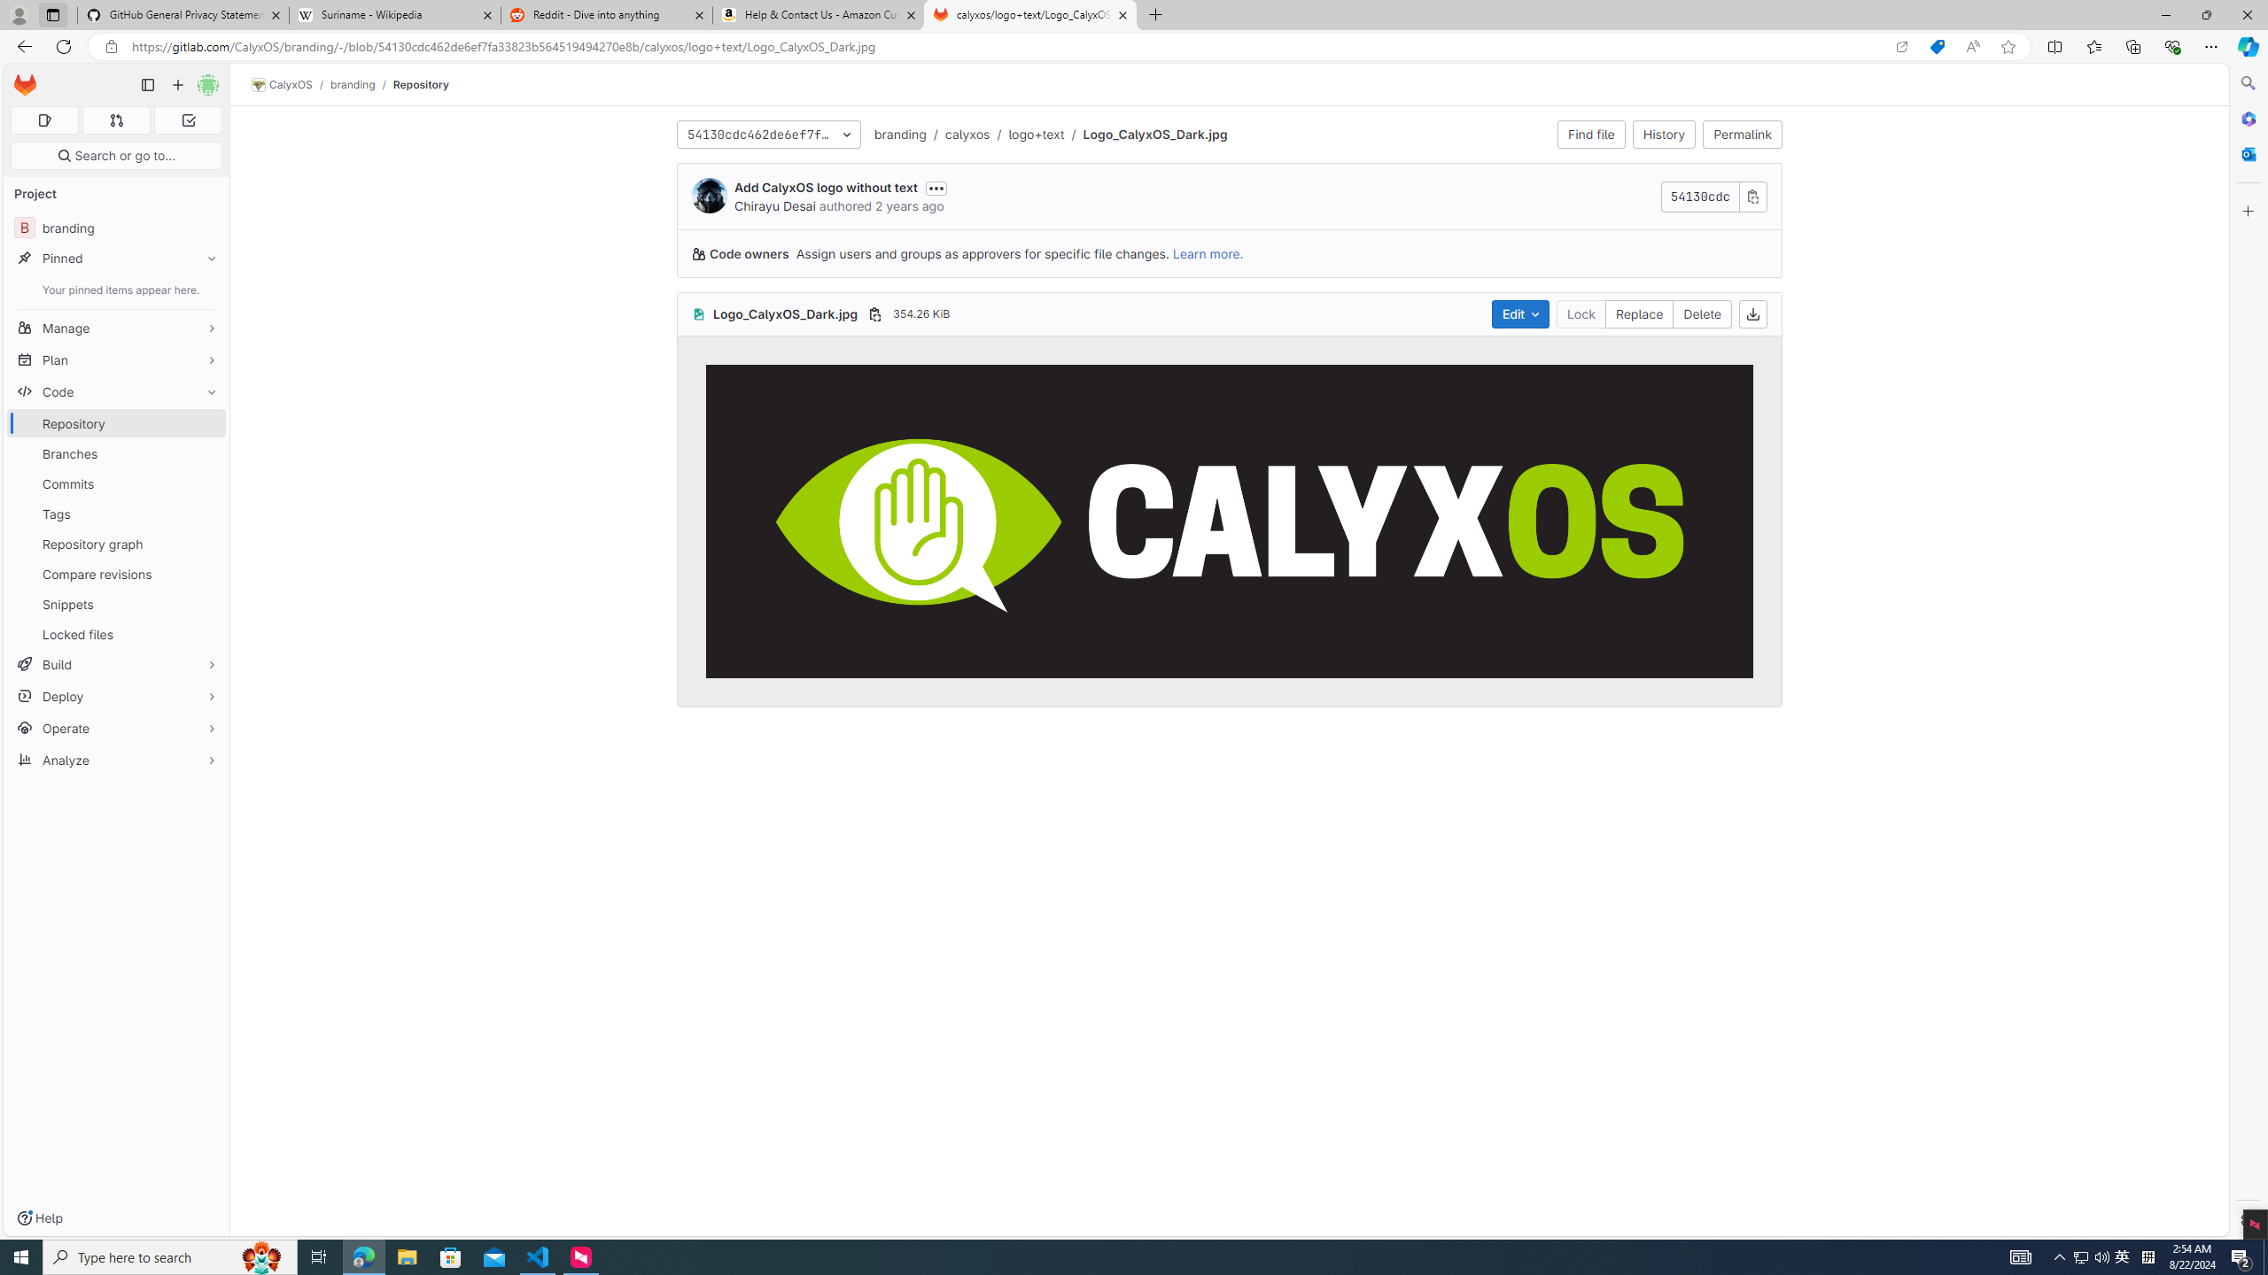 The width and height of the screenshot is (2268, 1275). What do you see at coordinates (1900, 47) in the screenshot?
I see `'Open in app'` at bounding box center [1900, 47].